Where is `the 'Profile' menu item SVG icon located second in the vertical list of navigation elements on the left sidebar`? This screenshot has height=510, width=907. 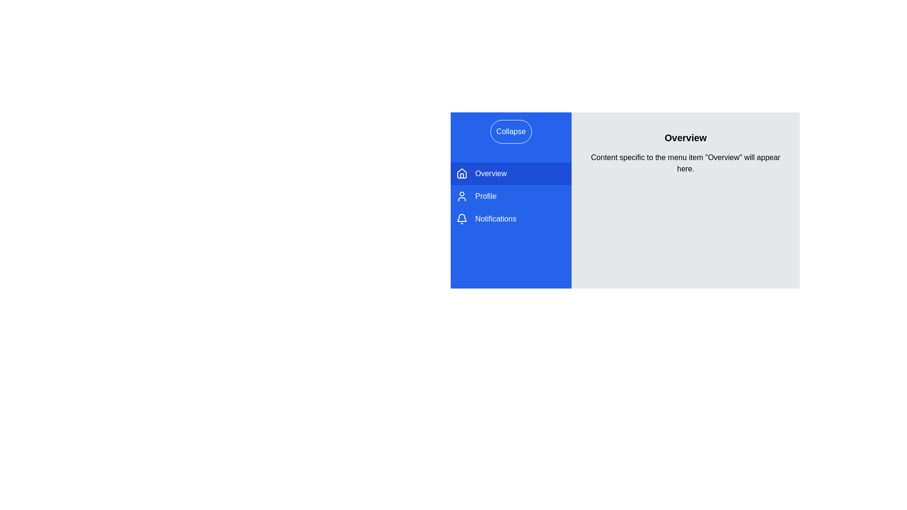
the 'Profile' menu item SVG icon located second in the vertical list of navigation elements on the left sidebar is located at coordinates (462, 196).